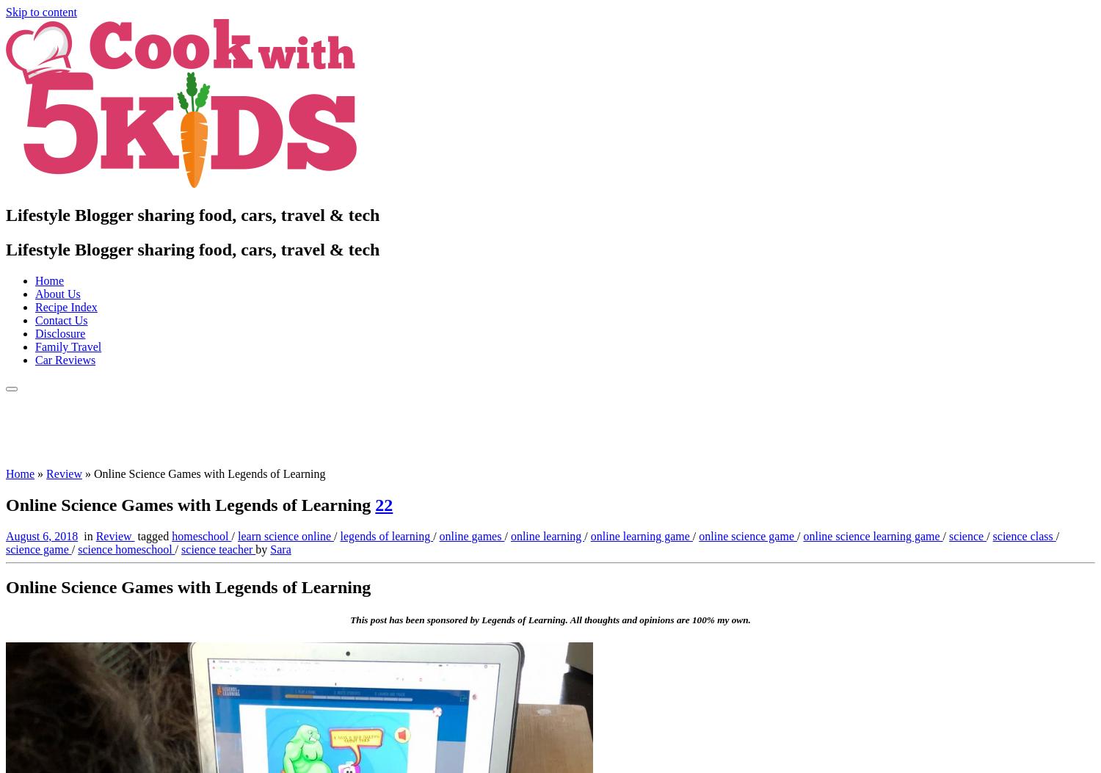 The image size is (1101, 773). Describe the element at coordinates (471, 534) in the screenshot. I see `'online games'` at that location.